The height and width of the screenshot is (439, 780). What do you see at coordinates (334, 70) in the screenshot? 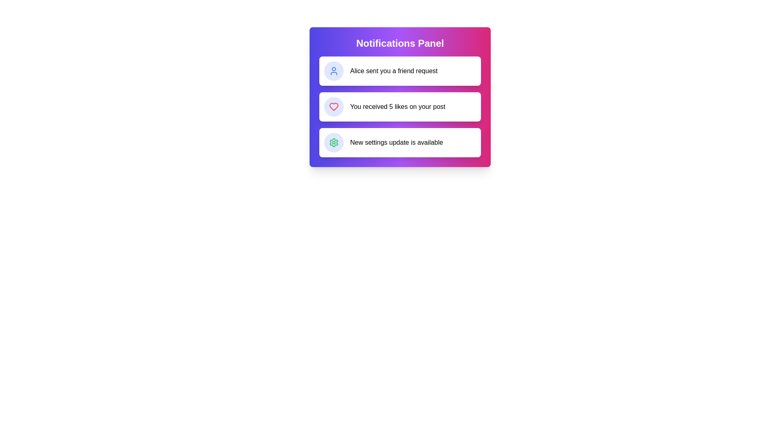
I see `the circular user icon with a blue background located in the first notification row of the Notifications Panel, adjacent to the text 'Alice sent you a friend request'` at bounding box center [334, 70].